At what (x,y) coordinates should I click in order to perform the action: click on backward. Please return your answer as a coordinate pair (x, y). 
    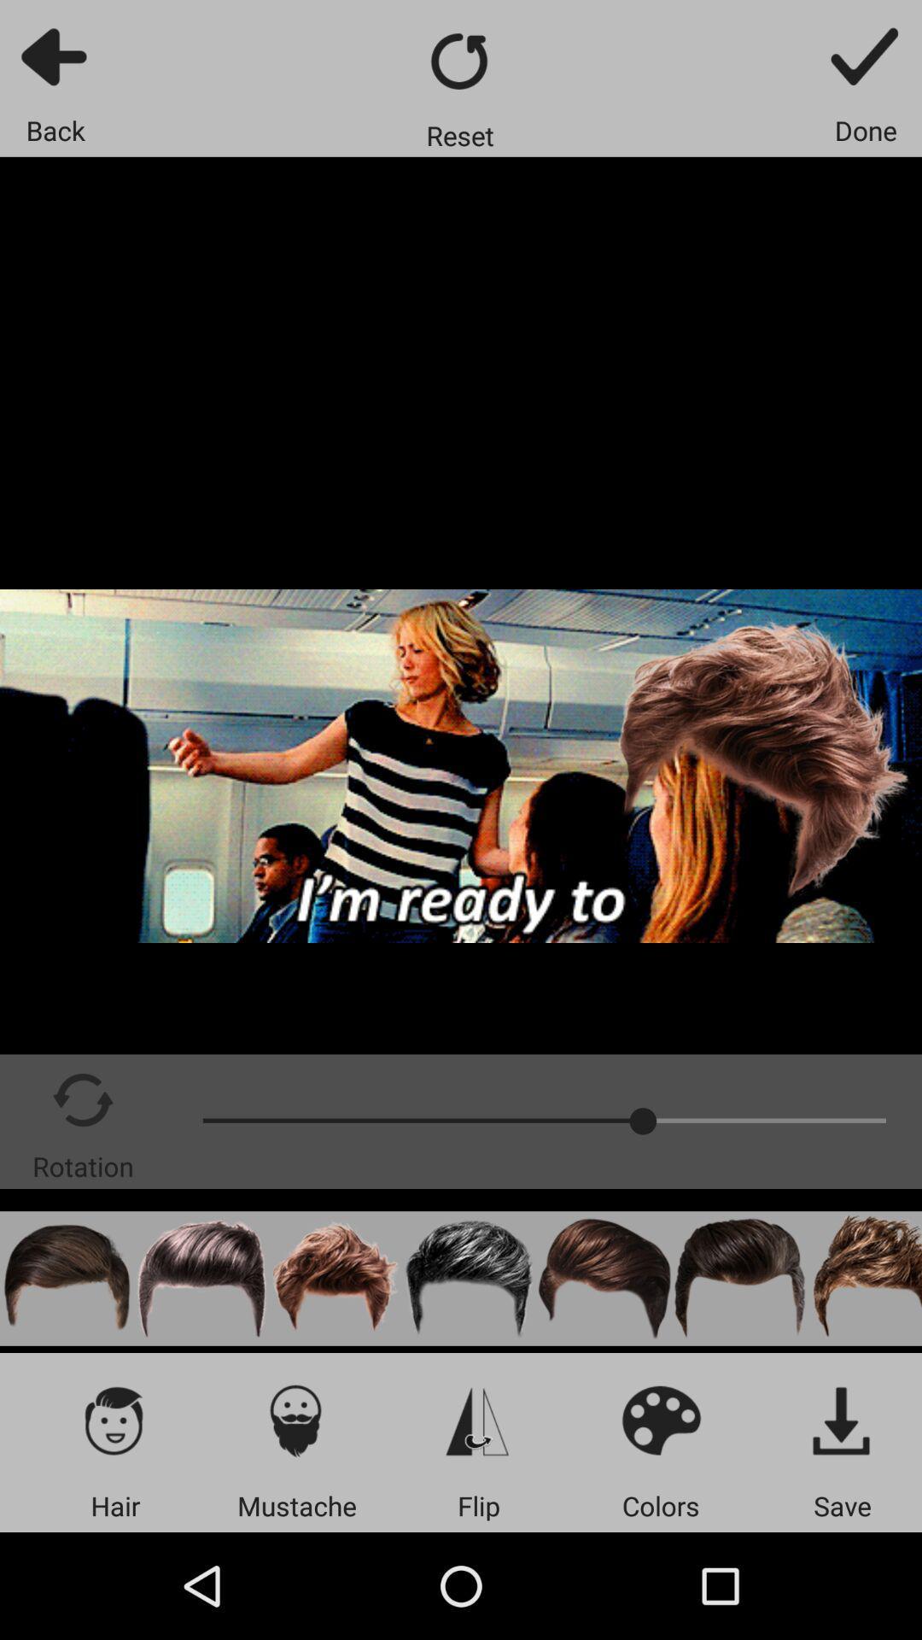
    Looking at the image, I should click on (55, 56).